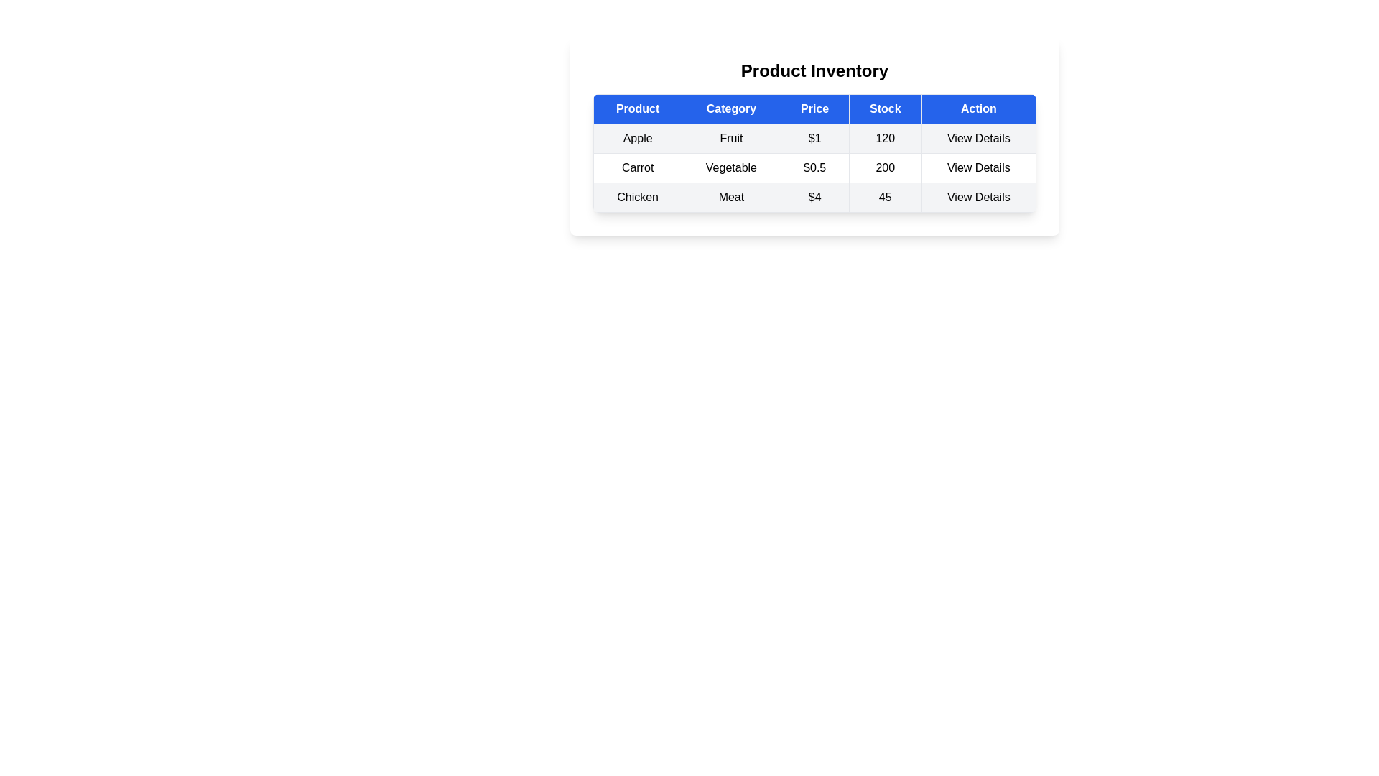  Describe the element at coordinates (814, 197) in the screenshot. I see `the row corresponding to Chicken` at that location.